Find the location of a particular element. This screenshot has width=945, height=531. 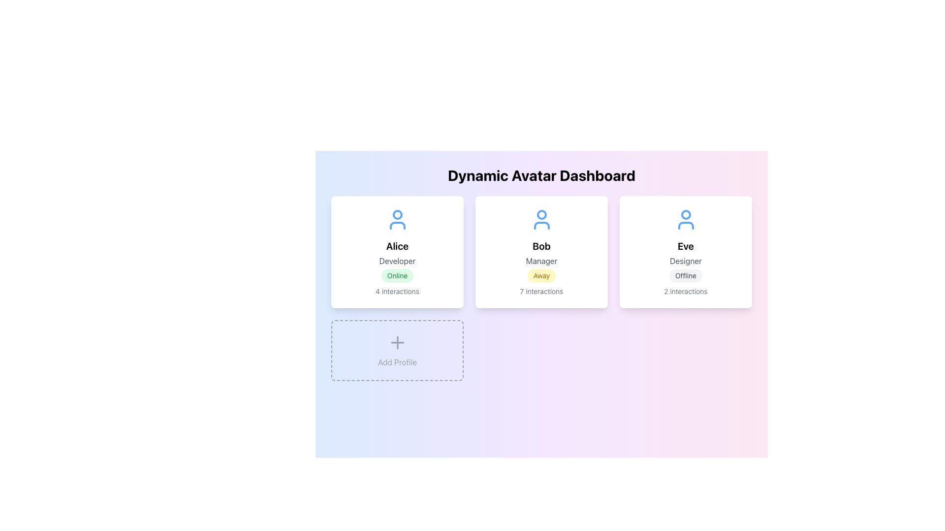

the pill-shaped label displaying 'Offline', which is located below the text 'Designer' and above '2 interactions' is located at coordinates (685, 275).